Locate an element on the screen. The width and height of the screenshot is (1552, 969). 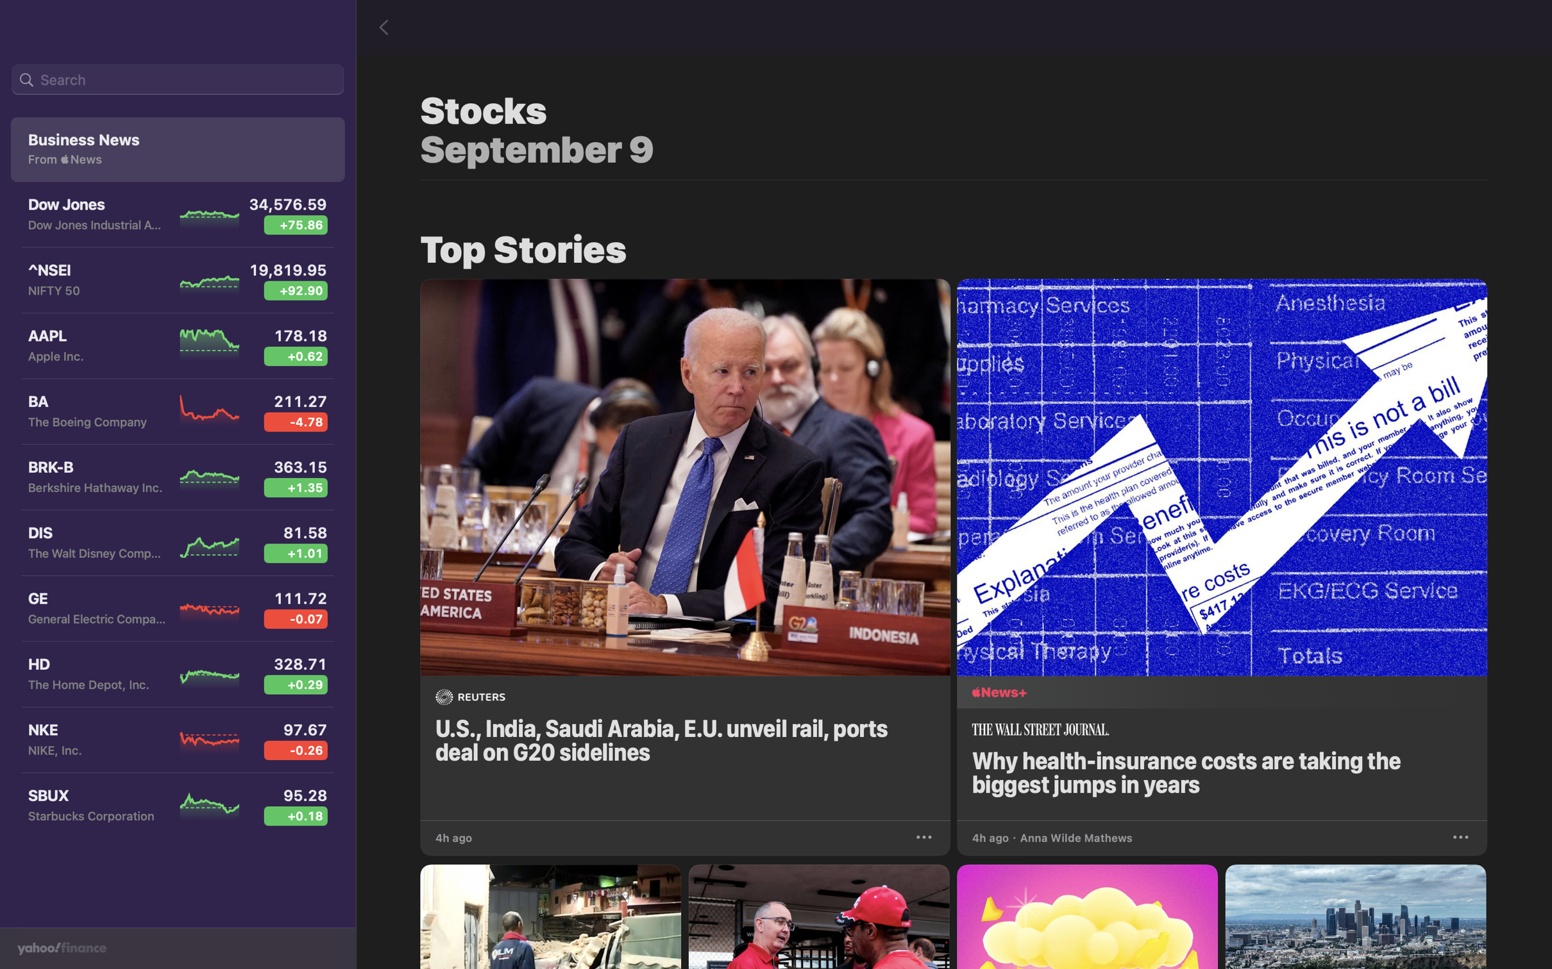
the G20 news on the display panel is located at coordinates (685, 545).